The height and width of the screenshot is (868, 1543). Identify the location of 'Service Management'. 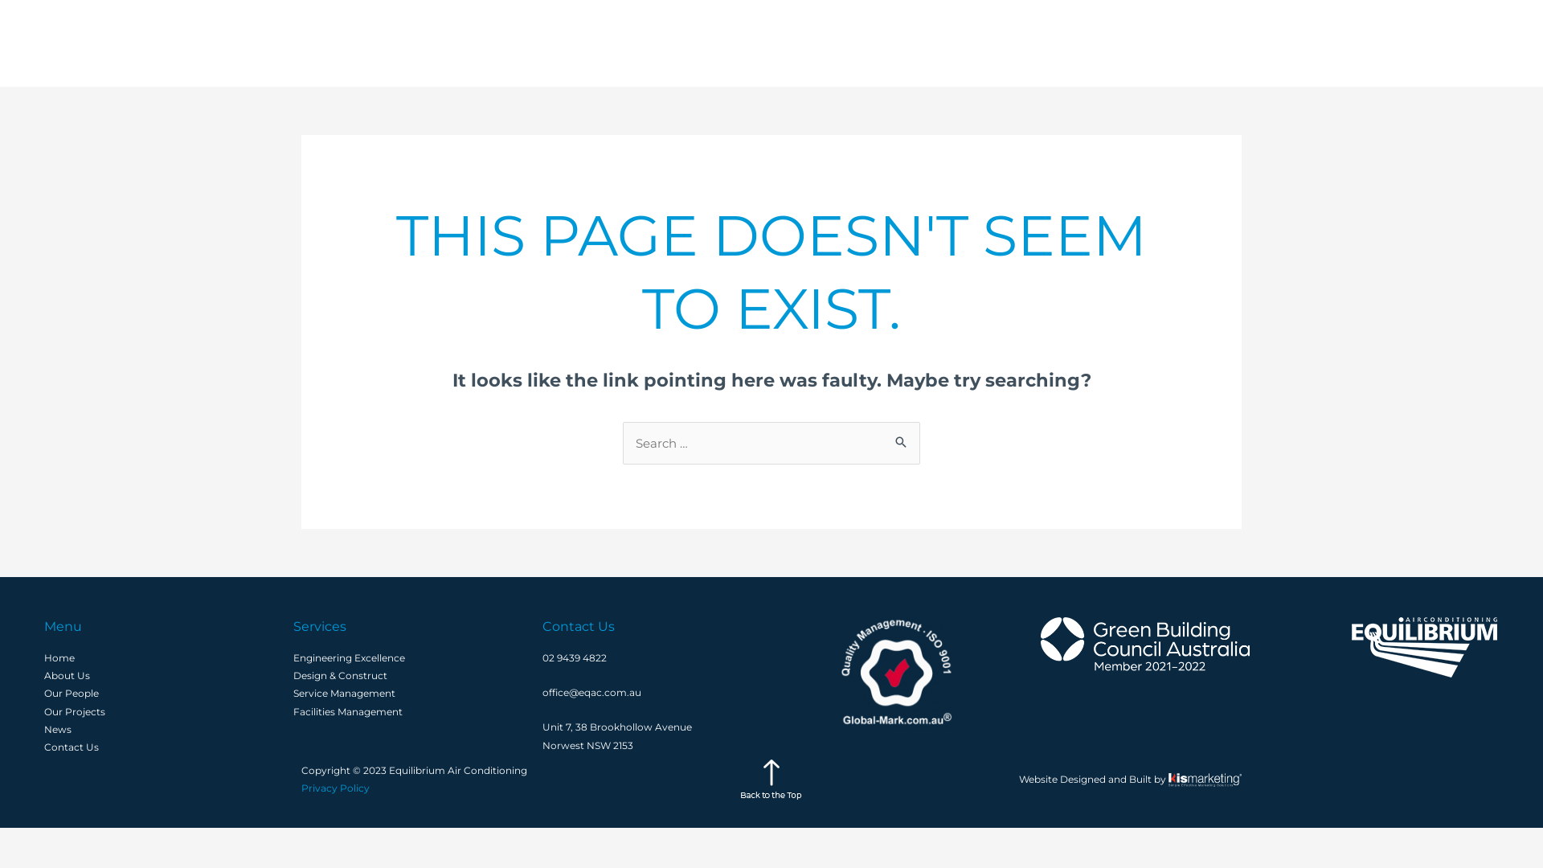
(343, 692).